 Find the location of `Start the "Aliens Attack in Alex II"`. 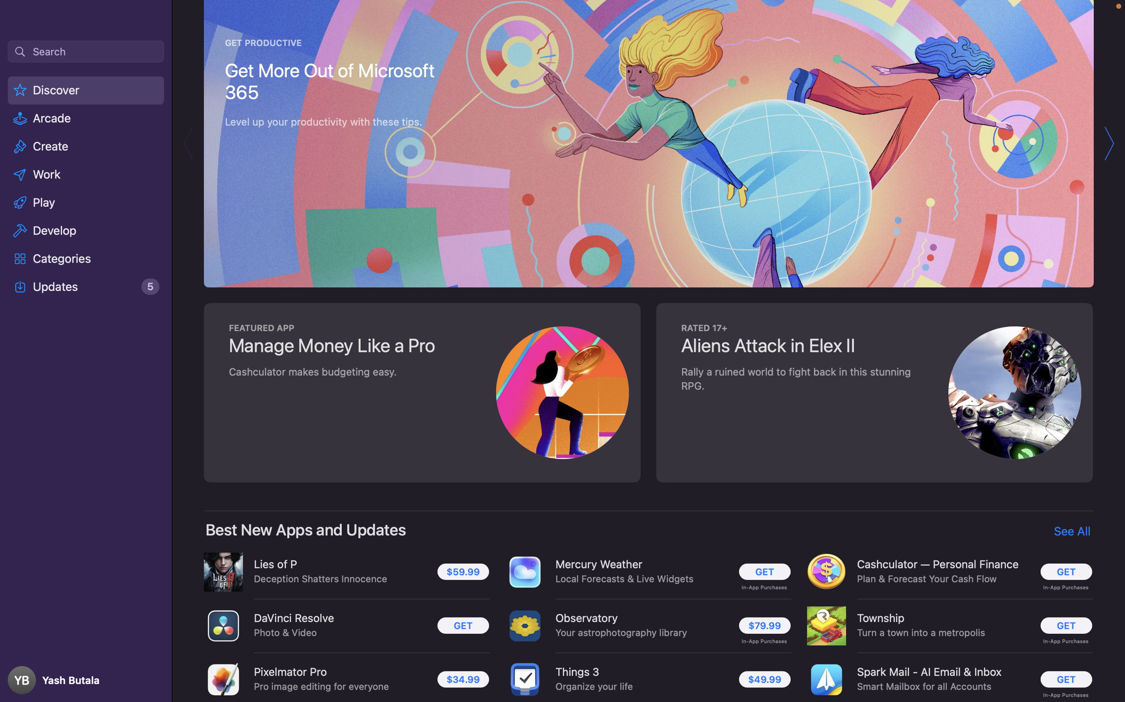

Start the "Aliens Attack in Alex II" is located at coordinates (872, 391).